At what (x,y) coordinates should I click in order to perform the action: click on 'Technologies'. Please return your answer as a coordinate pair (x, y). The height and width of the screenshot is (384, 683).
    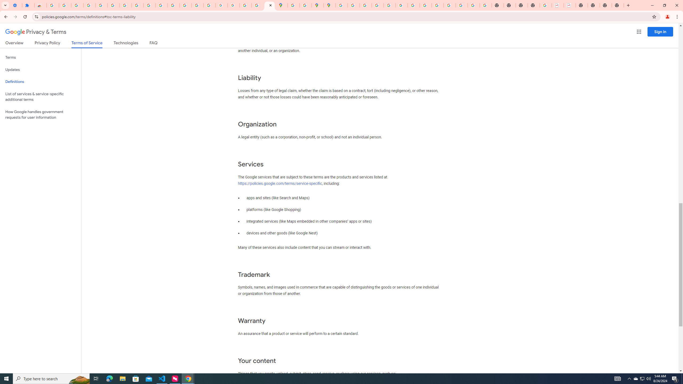
    Looking at the image, I should click on (126, 44).